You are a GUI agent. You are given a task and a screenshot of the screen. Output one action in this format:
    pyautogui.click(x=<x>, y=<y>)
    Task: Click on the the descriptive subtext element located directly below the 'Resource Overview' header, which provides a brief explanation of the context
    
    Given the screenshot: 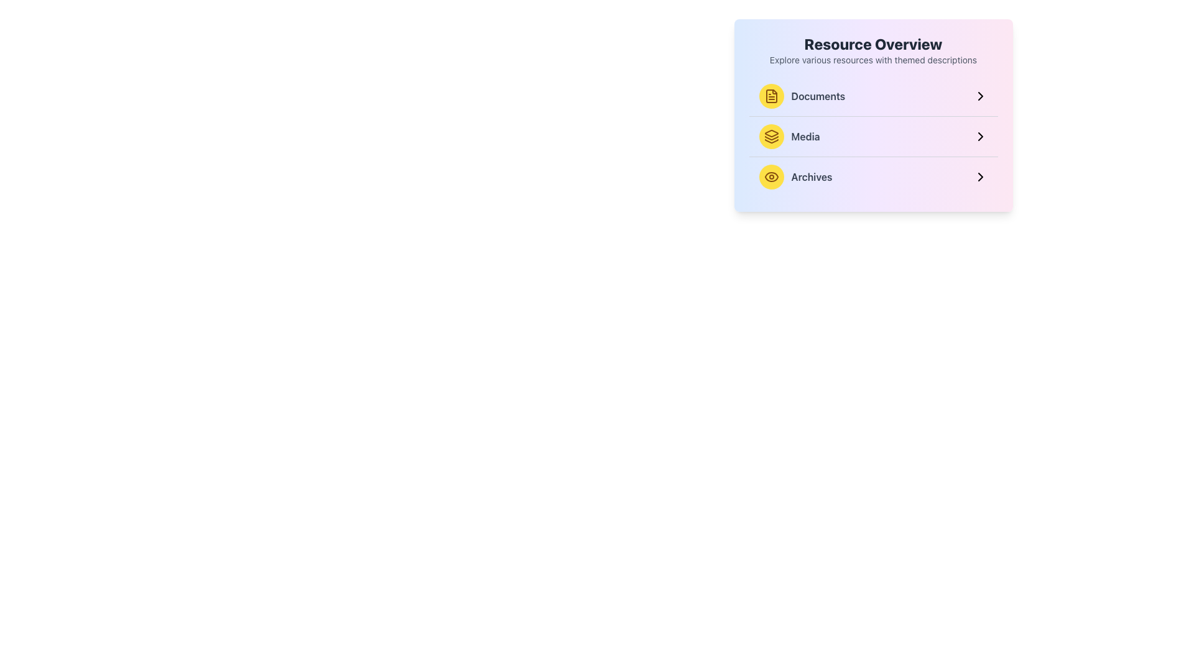 What is the action you would take?
    pyautogui.click(x=872, y=60)
    